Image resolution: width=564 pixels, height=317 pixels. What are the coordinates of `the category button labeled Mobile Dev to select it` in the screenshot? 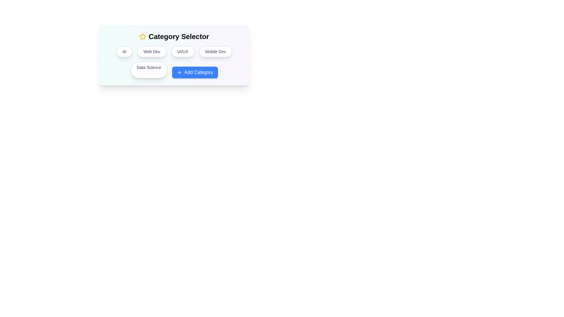 It's located at (215, 51).